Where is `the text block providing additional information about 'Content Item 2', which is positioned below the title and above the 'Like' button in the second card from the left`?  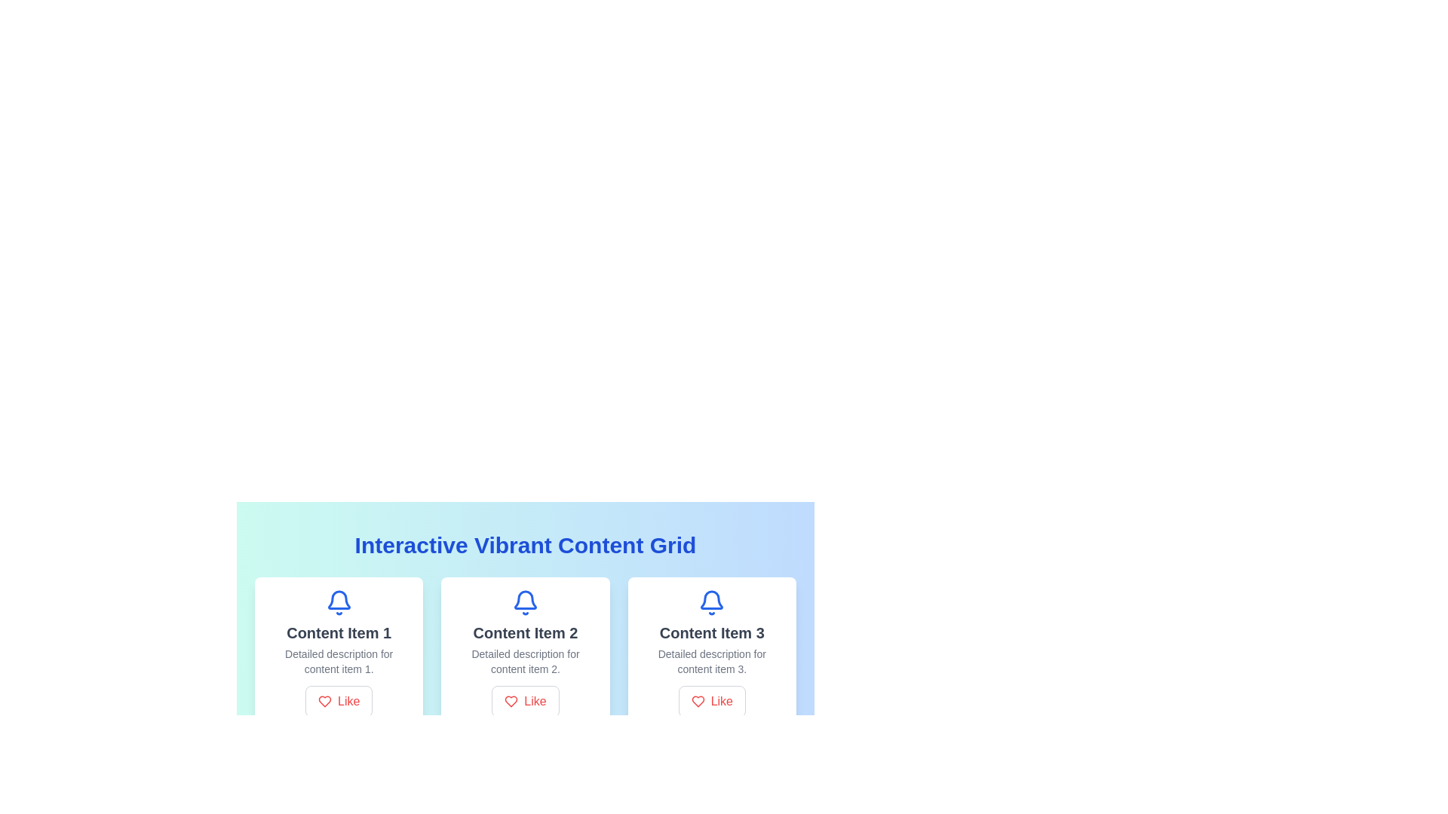 the text block providing additional information about 'Content Item 2', which is positioned below the title and above the 'Like' button in the second card from the left is located at coordinates (525, 661).